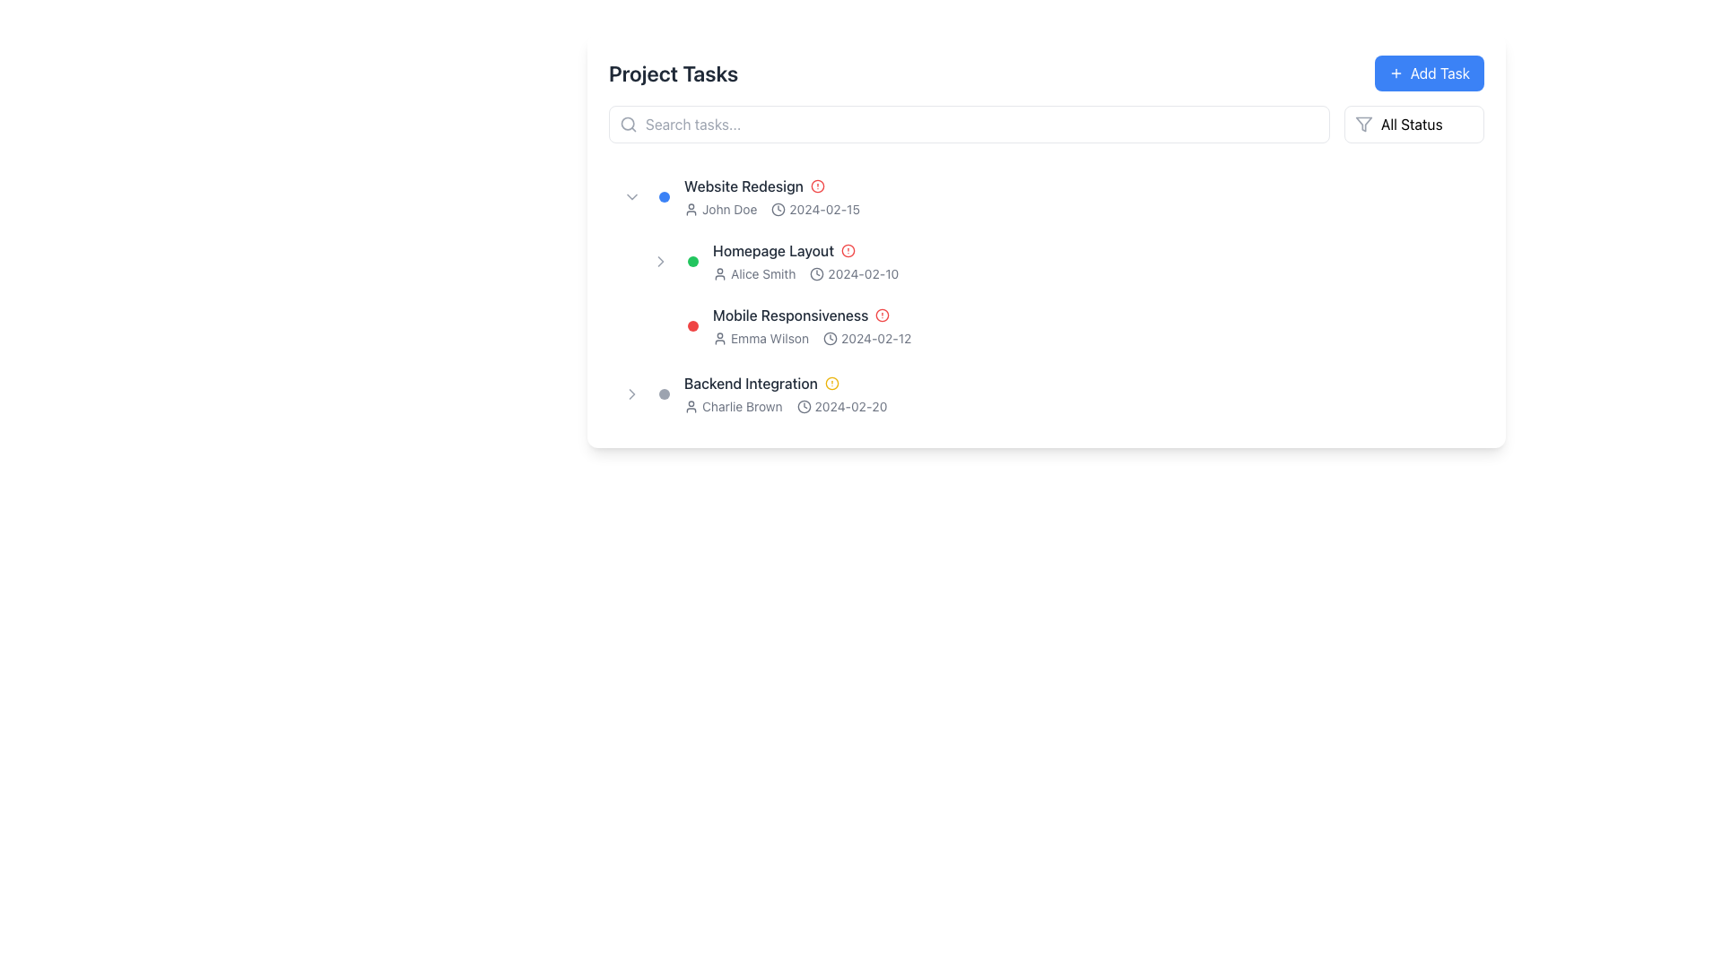 This screenshot has width=1722, height=968. What do you see at coordinates (850, 407) in the screenshot?
I see `the static text label displaying the due date '2024-02-20' for the 'Backend Integration' task, located to the far right of the task entry line` at bounding box center [850, 407].